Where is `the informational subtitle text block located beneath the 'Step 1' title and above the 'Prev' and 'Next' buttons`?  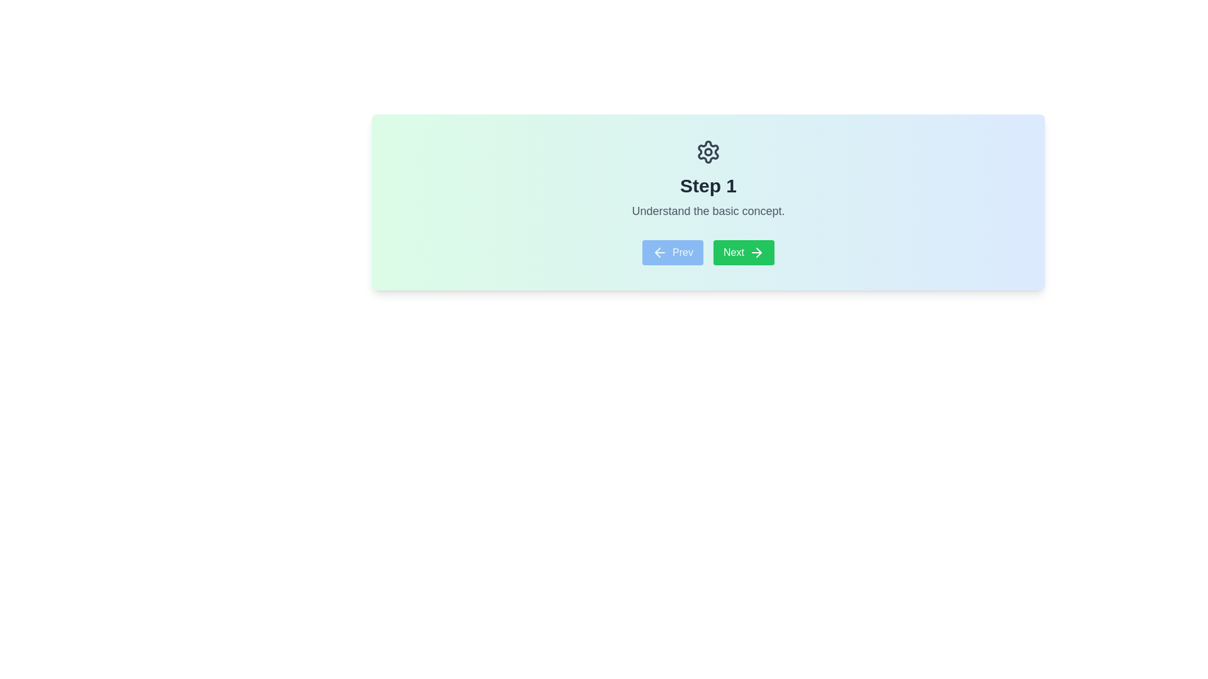 the informational subtitle text block located beneath the 'Step 1' title and above the 'Prev' and 'Next' buttons is located at coordinates (708, 210).